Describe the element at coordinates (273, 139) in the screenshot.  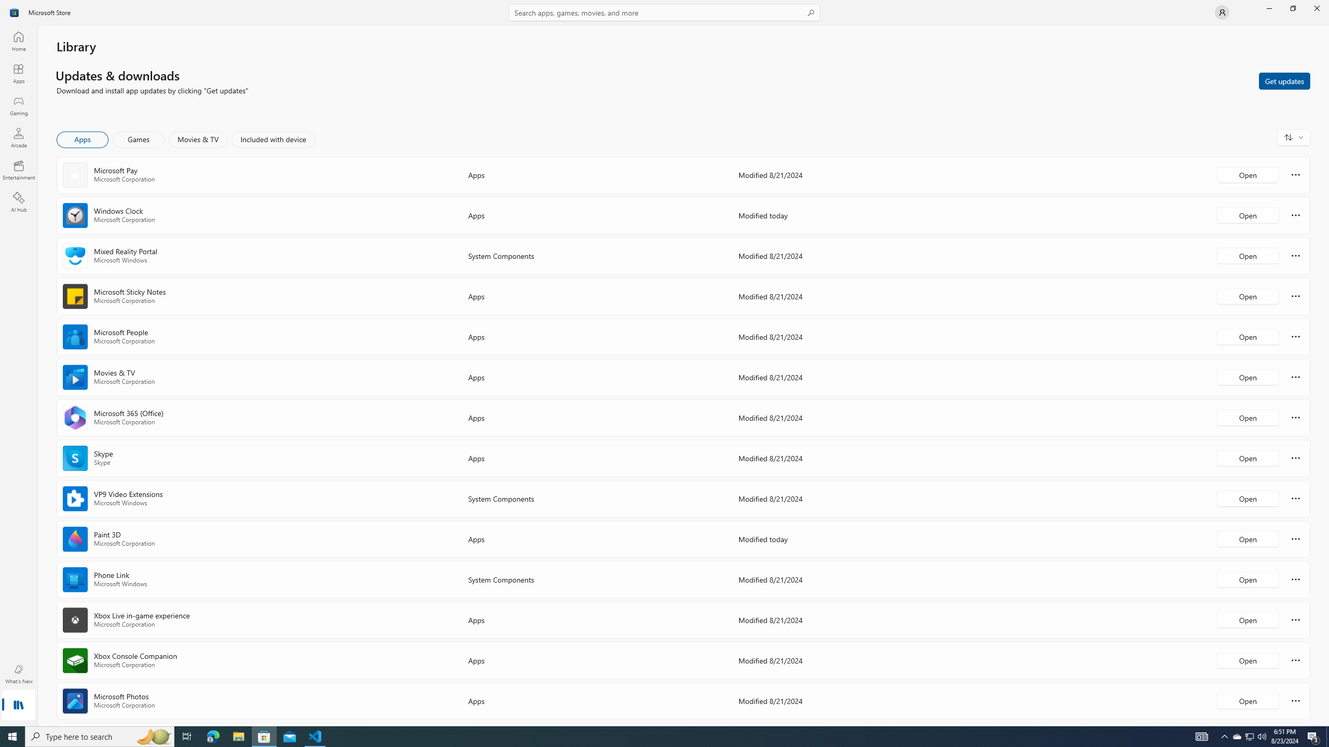
I see `'Included with device'` at that location.